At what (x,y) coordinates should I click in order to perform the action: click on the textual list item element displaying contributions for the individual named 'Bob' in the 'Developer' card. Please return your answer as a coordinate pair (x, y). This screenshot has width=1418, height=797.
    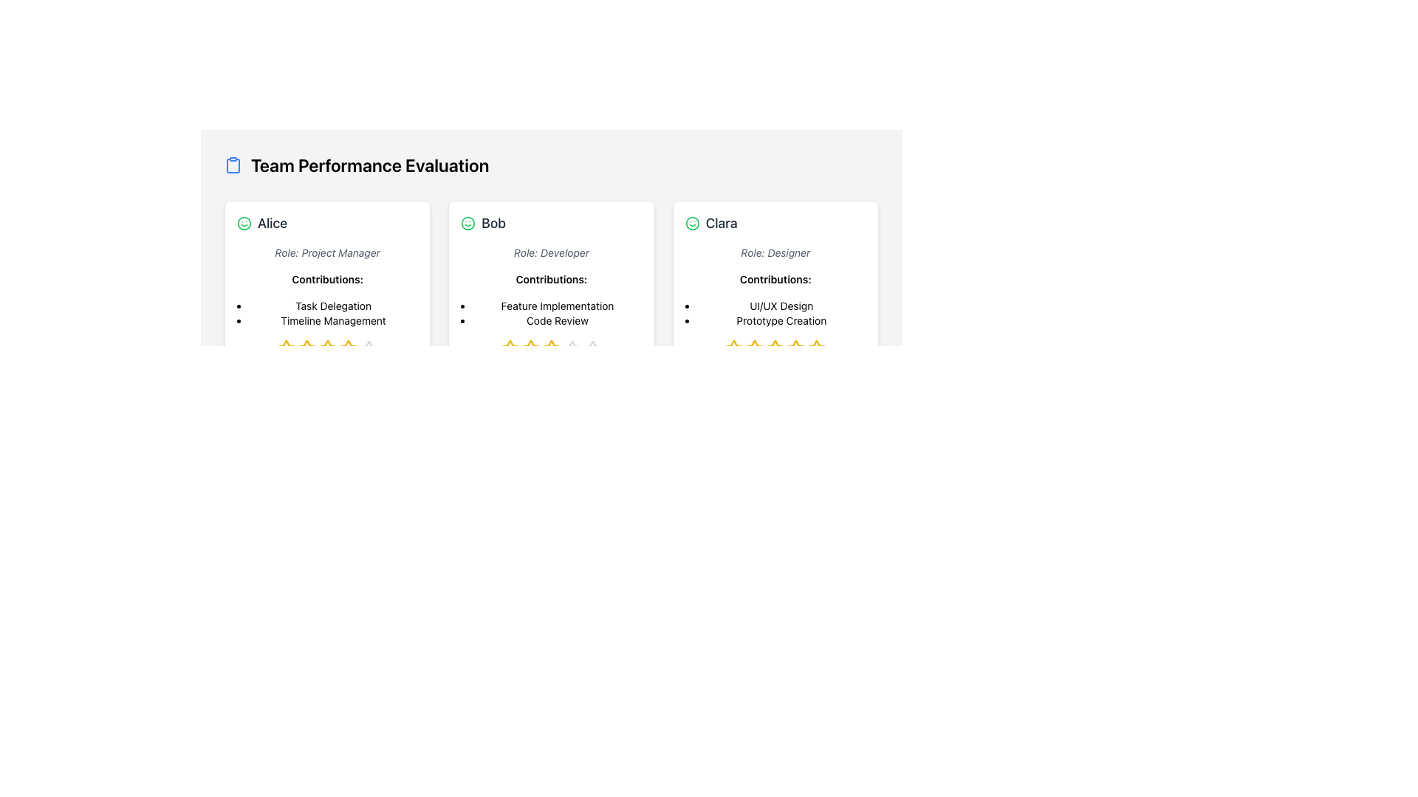
    Looking at the image, I should click on (556, 312).